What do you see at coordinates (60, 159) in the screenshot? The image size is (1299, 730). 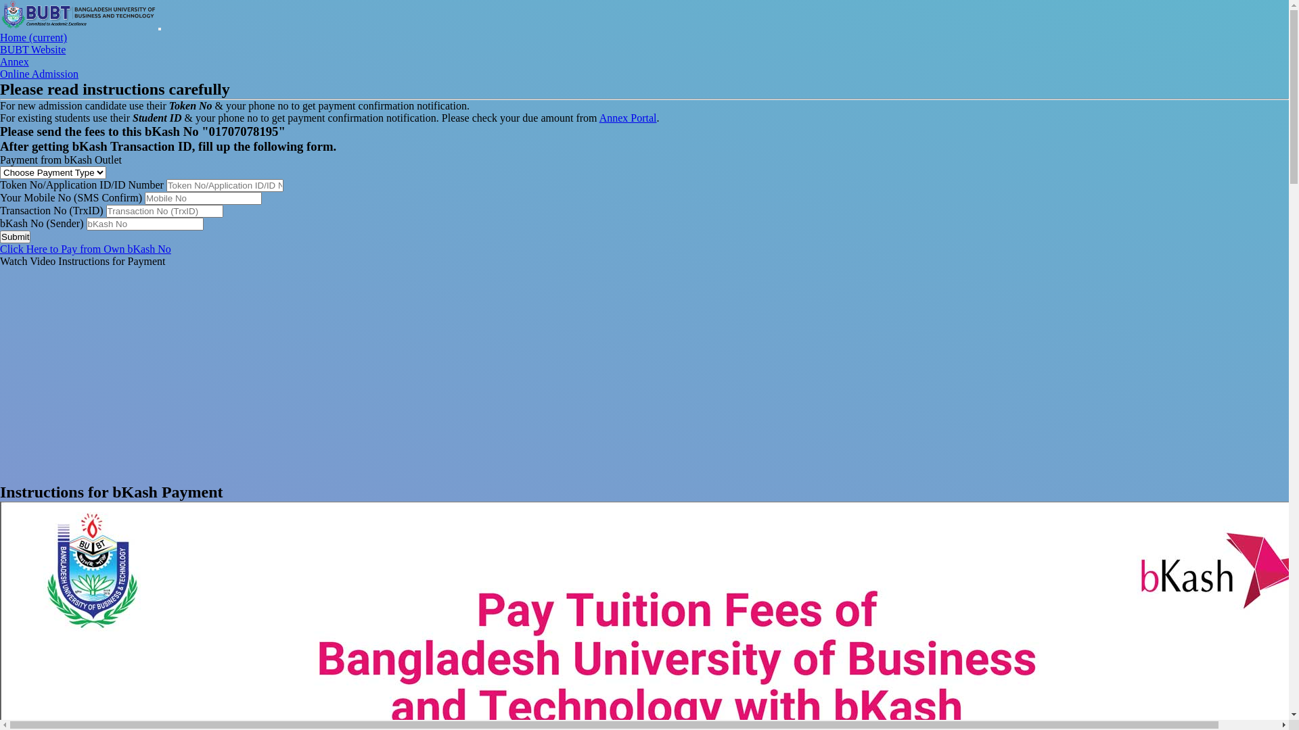 I see `'Payment from bKash Outlet'` at bounding box center [60, 159].